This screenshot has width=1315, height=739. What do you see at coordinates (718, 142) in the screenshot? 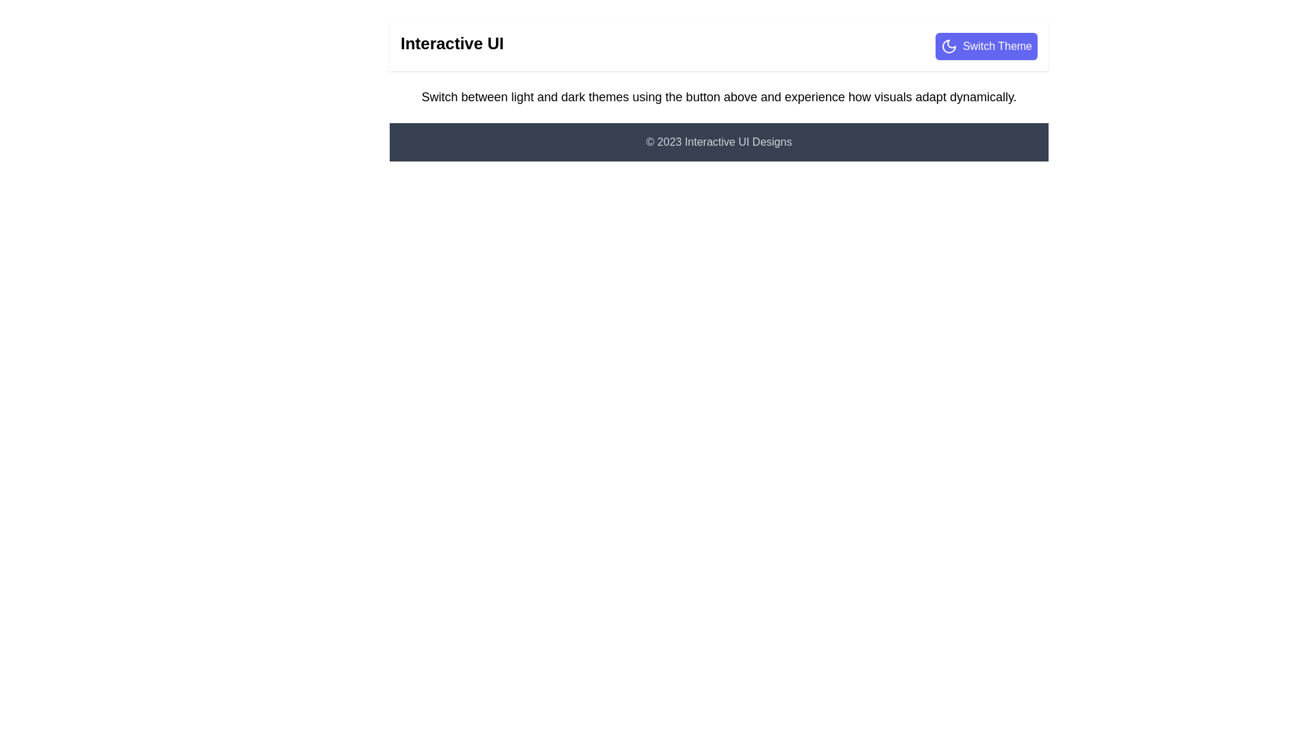
I see `the static text element that serves as the footer, providing copyright information, located centrally at the bottom of the interface` at bounding box center [718, 142].